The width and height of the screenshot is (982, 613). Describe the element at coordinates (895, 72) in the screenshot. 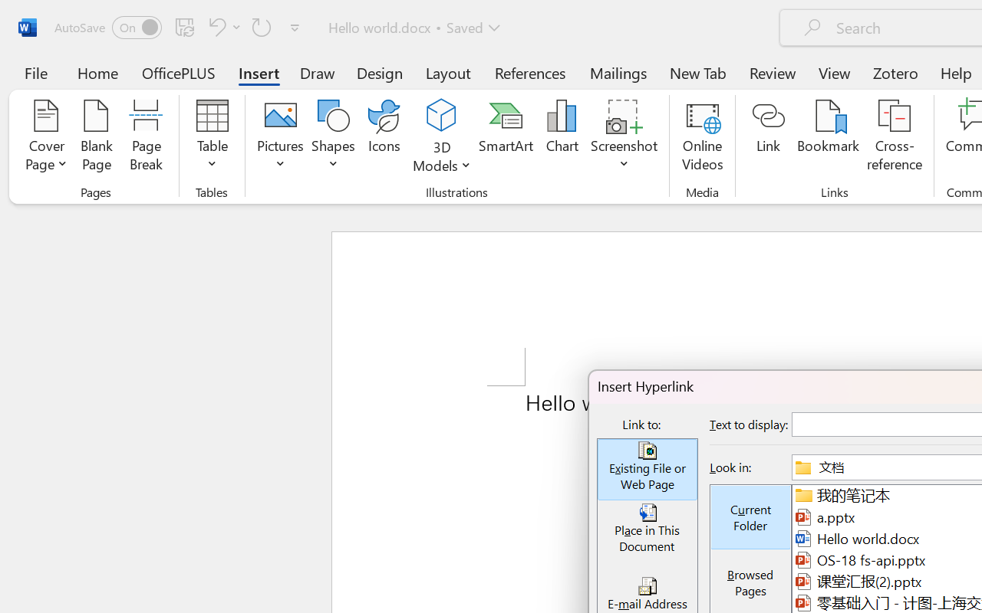

I see `'Zotero'` at that location.